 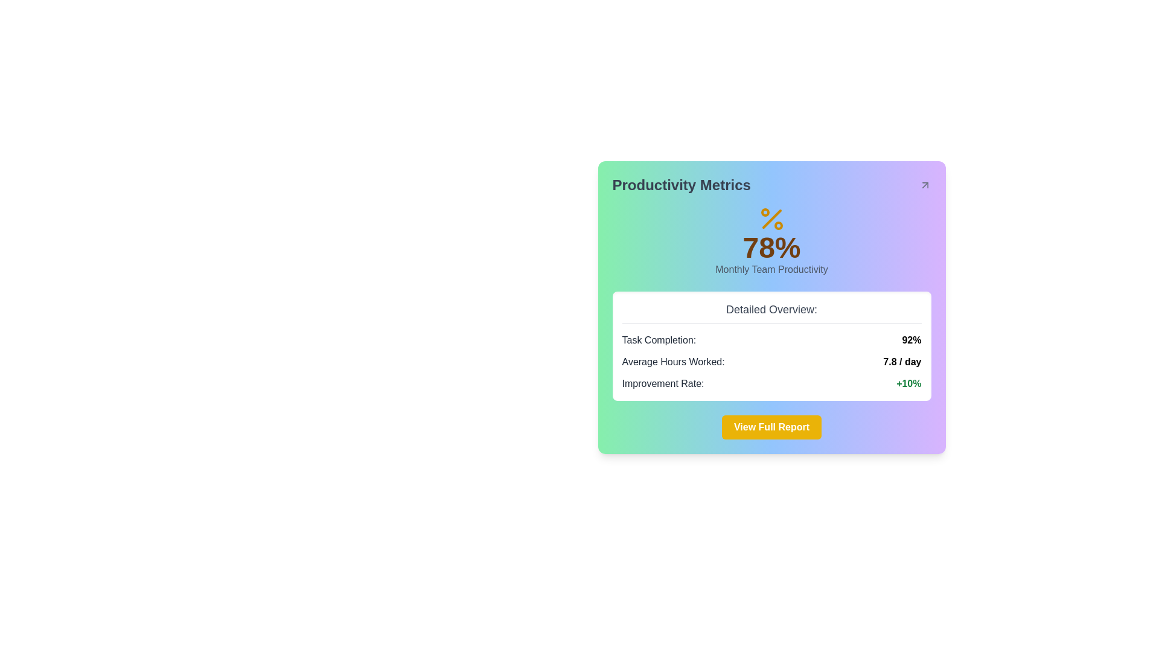 I want to click on the decorative icon located in the 'Productivity Metrics' box, positioned above the '78%' text, so click(x=771, y=219).